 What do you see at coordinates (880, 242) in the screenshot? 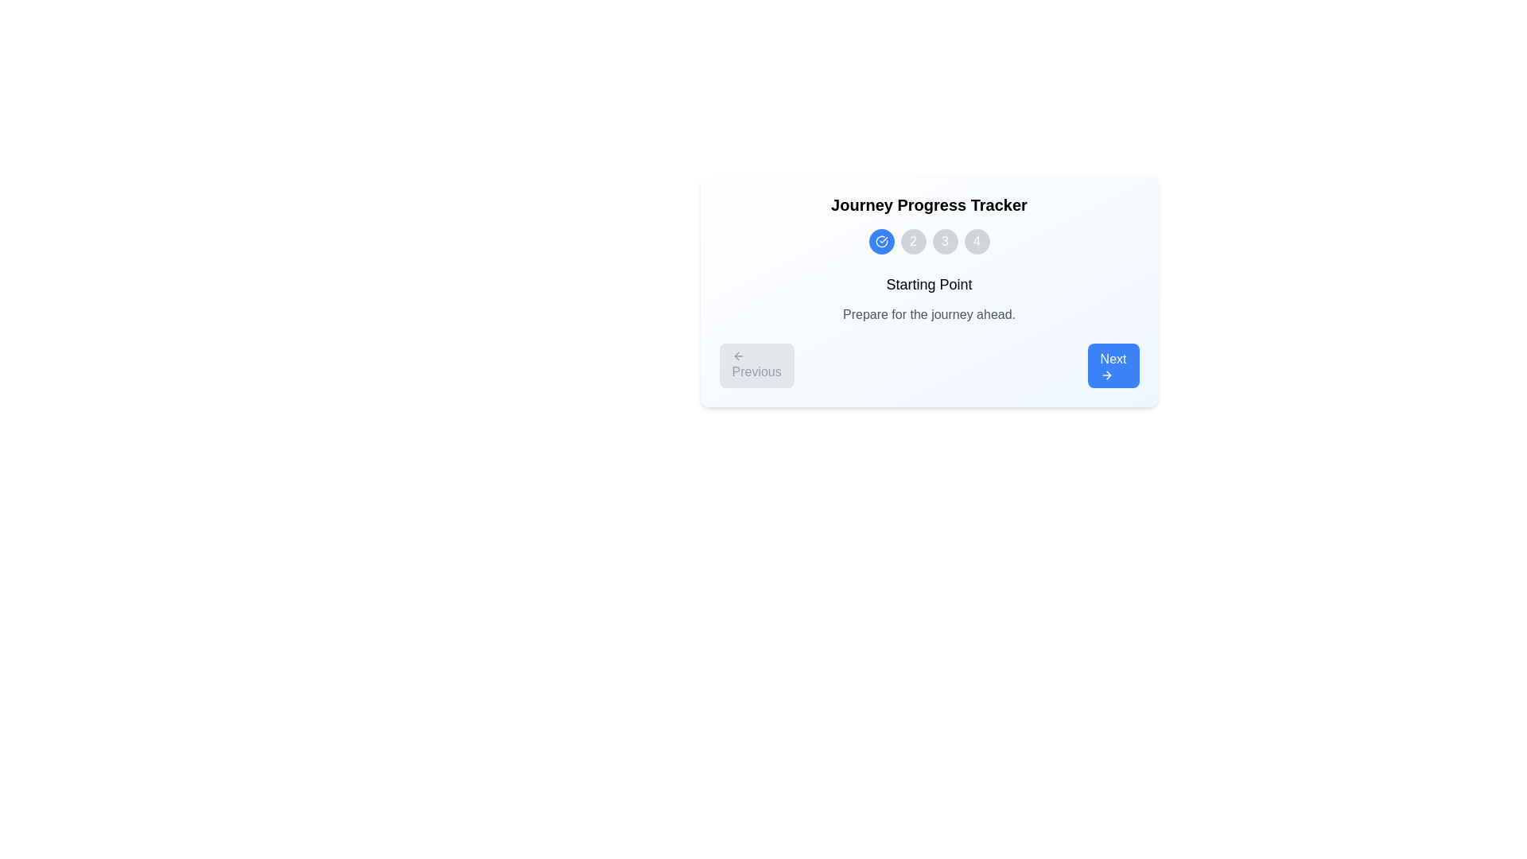
I see `the completed progress tracker icon located in the first circular button at the top center of the interface` at bounding box center [880, 242].